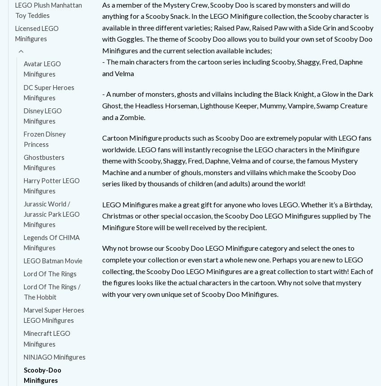 The image size is (381, 386). I want to click on 'Frozen Disney Princess', so click(44, 138).